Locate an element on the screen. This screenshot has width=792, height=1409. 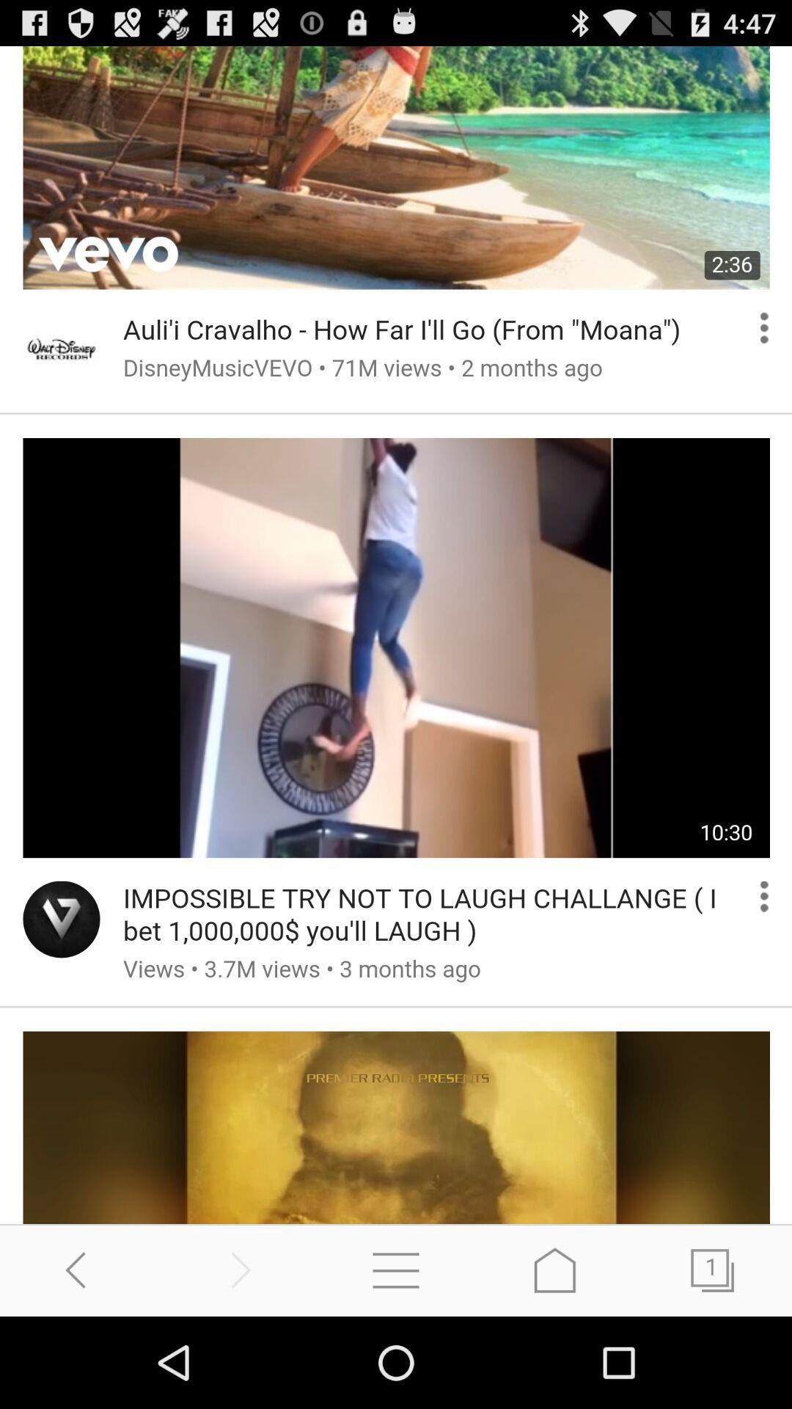
alerta para as imagnes is located at coordinates (396, 635).